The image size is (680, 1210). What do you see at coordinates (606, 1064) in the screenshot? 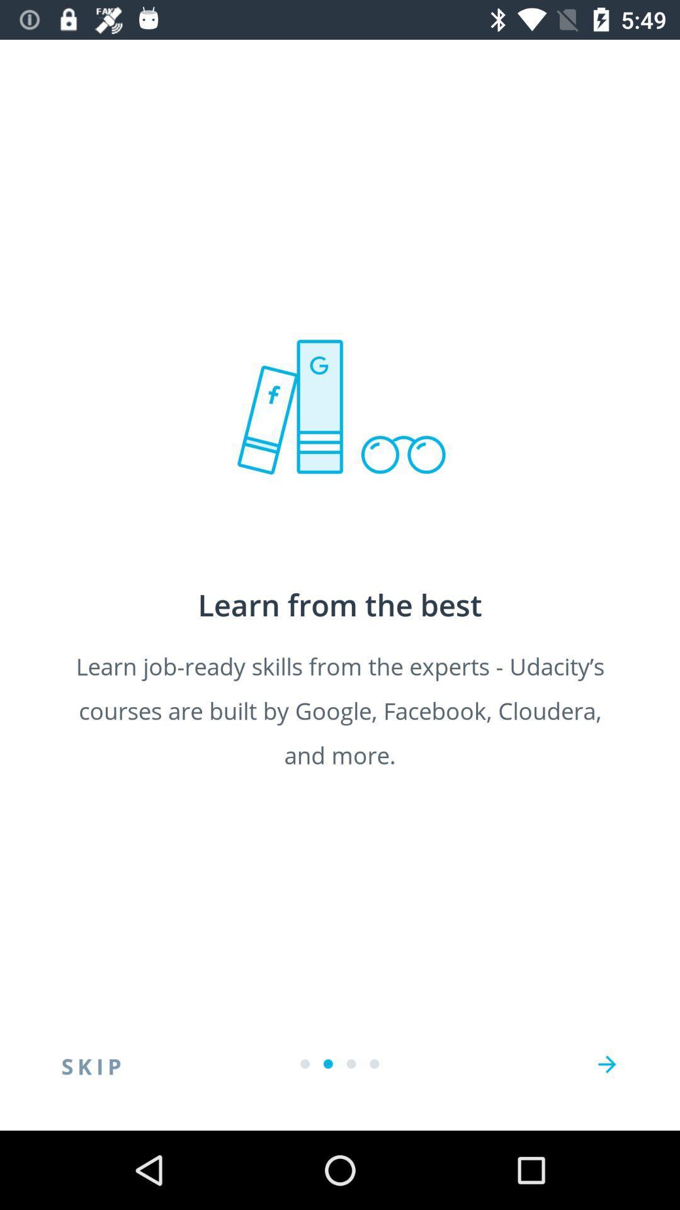
I see `next page` at bounding box center [606, 1064].